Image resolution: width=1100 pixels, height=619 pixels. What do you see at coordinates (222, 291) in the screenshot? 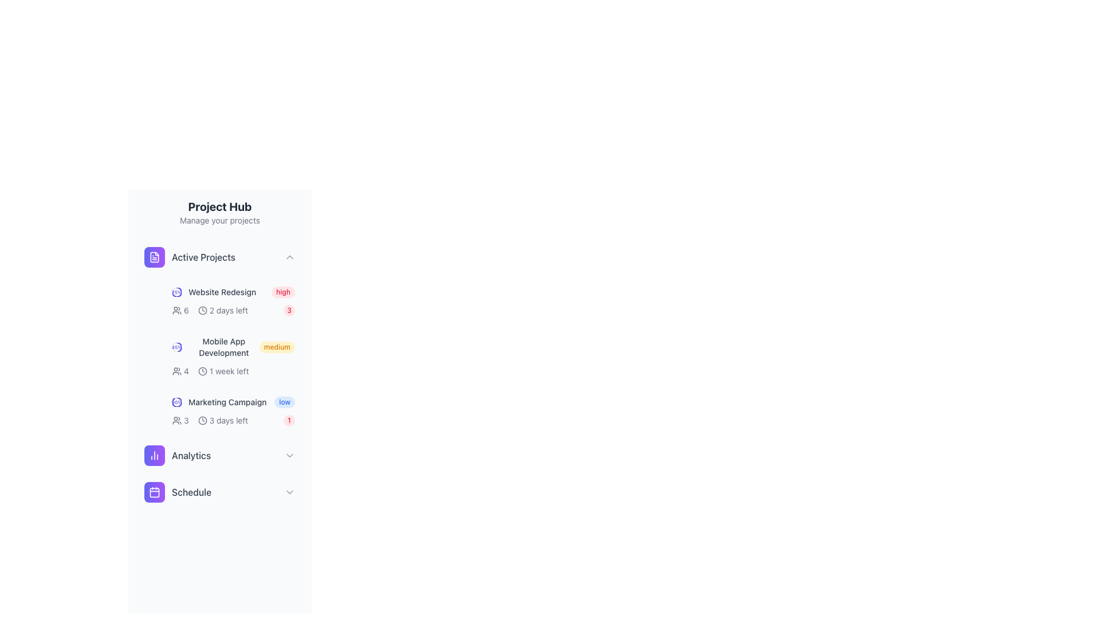
I see `the text label displaying 'Website Redesign' in gray color, which is the second item under the 'Active Projects' section` at bounding box center [222, 291].